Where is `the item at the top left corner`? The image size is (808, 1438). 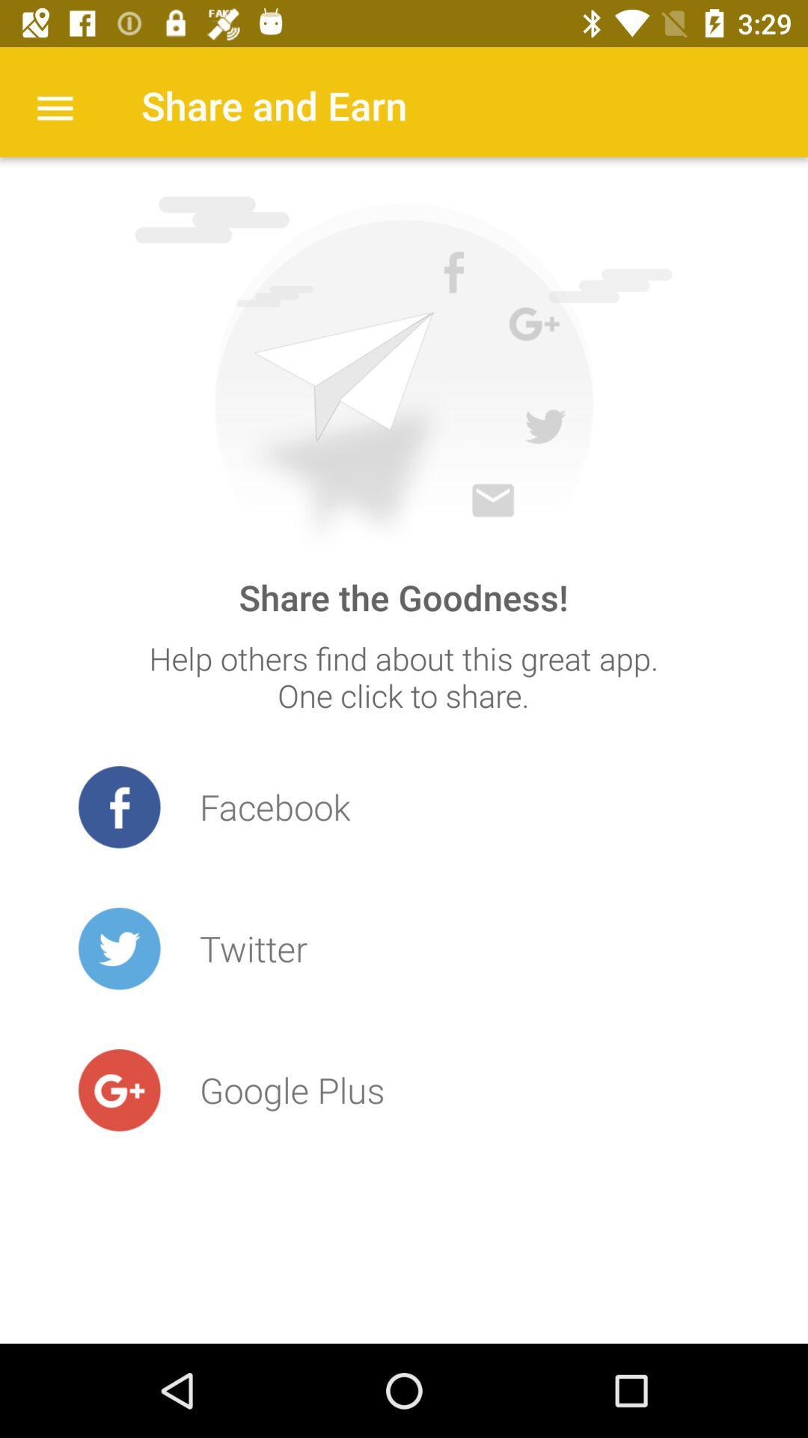 the item at the top left corner is located at coordinates (54, 106).